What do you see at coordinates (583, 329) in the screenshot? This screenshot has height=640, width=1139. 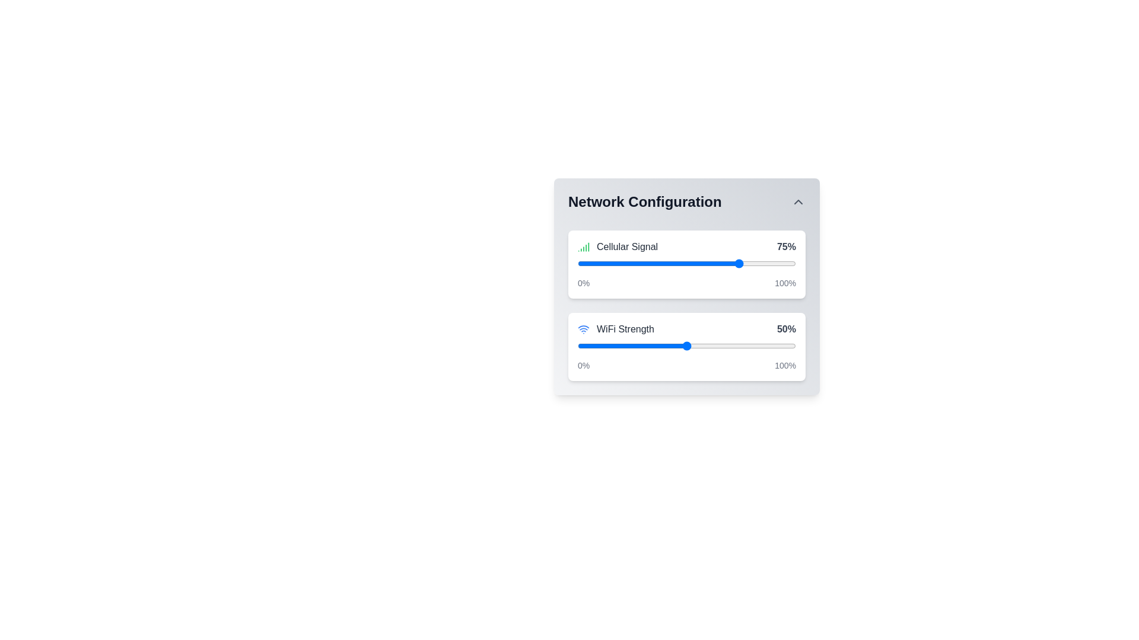 I see `the WiFi Strength icon, which is located to the left of the 'WiFi Strength' label in the network configuration section` at bounding box center [583, 329].